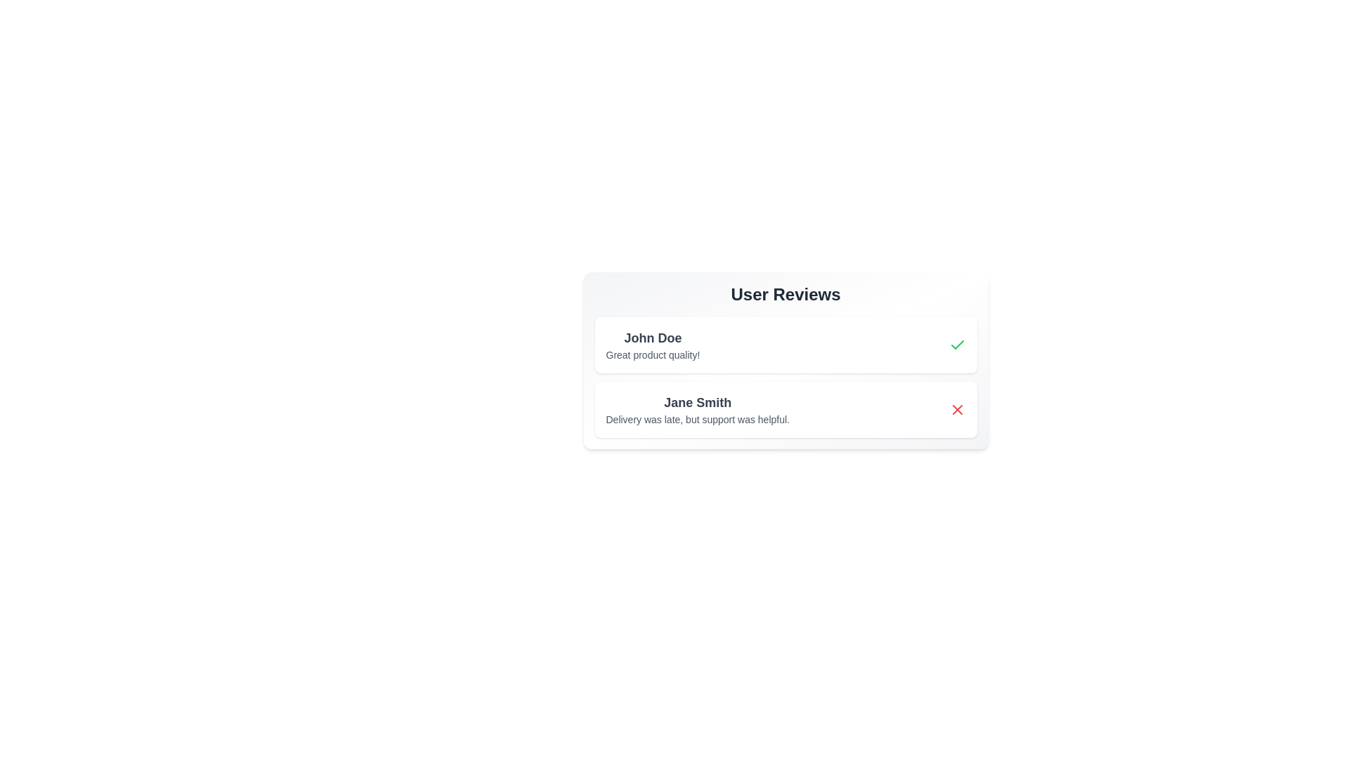 This screenshot has height=758, width=1349. What do you see at coordinates (652, 345) in the screenshot?
I see `the text block containing 'John Doe' and 'Great product quality!' located in the top section of the user reviews card` at bounding box center [652, 345].